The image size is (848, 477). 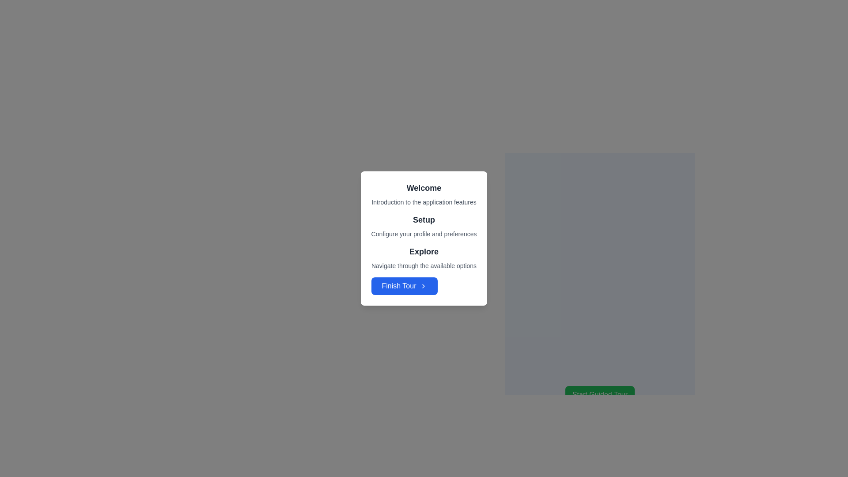 I want to click on text header that displays 'Welcome', which is a bold-text headline in large dark gray font, centrally positioned near the top of the application's interface, so click(x=424, y=187).